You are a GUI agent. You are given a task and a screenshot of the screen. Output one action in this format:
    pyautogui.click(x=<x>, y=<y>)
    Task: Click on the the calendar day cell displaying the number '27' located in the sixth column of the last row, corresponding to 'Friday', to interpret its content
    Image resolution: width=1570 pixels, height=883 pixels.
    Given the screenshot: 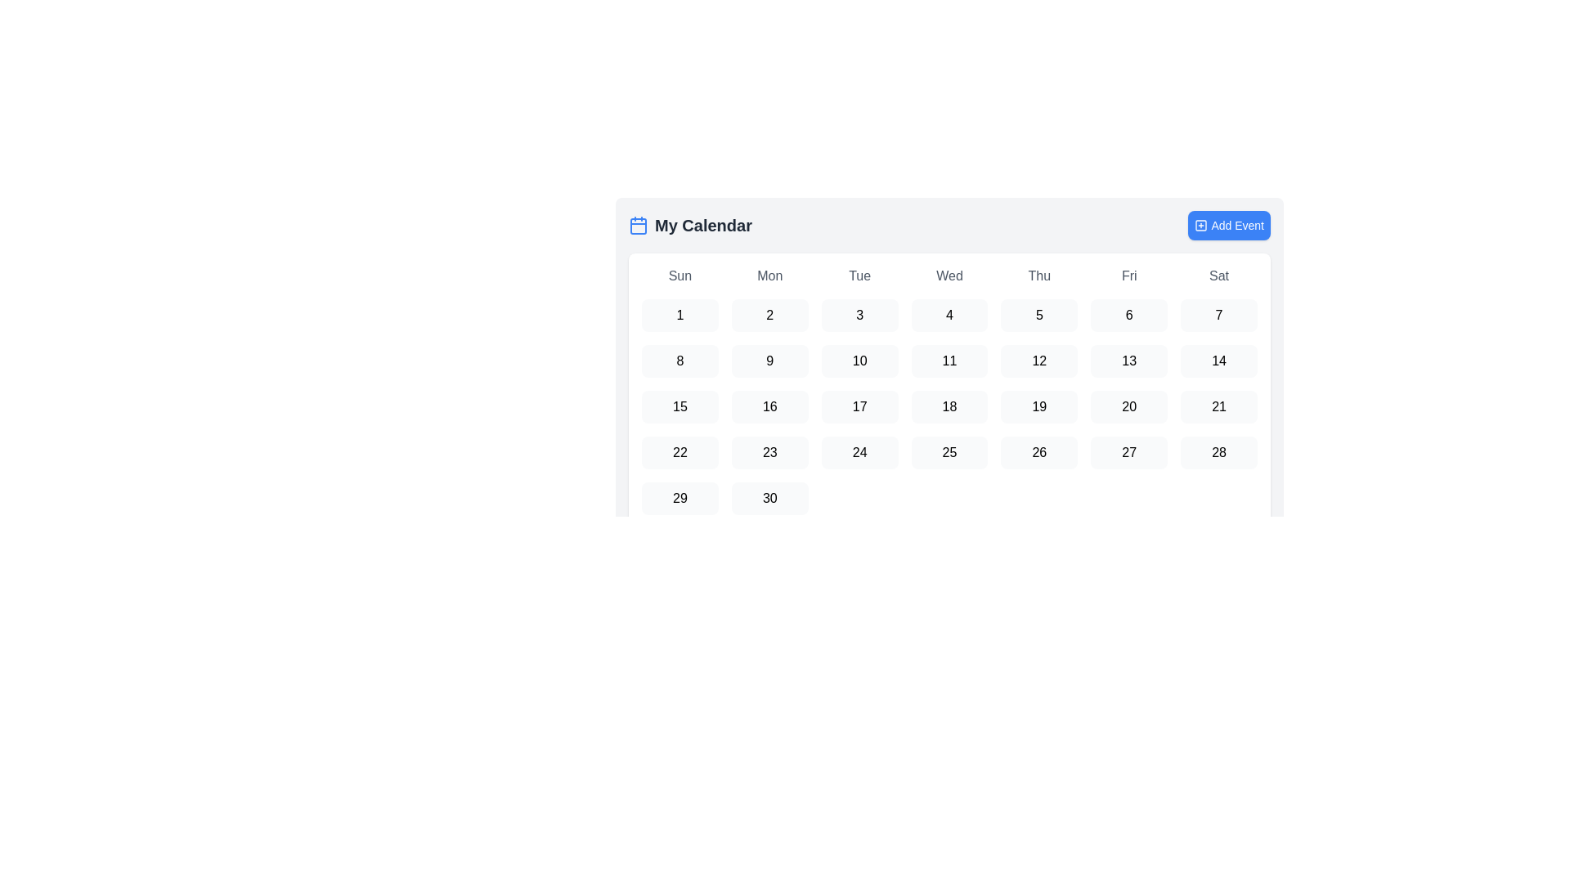 What is the action you would take?
    pyautogui.click(x=1128, y=453)
    